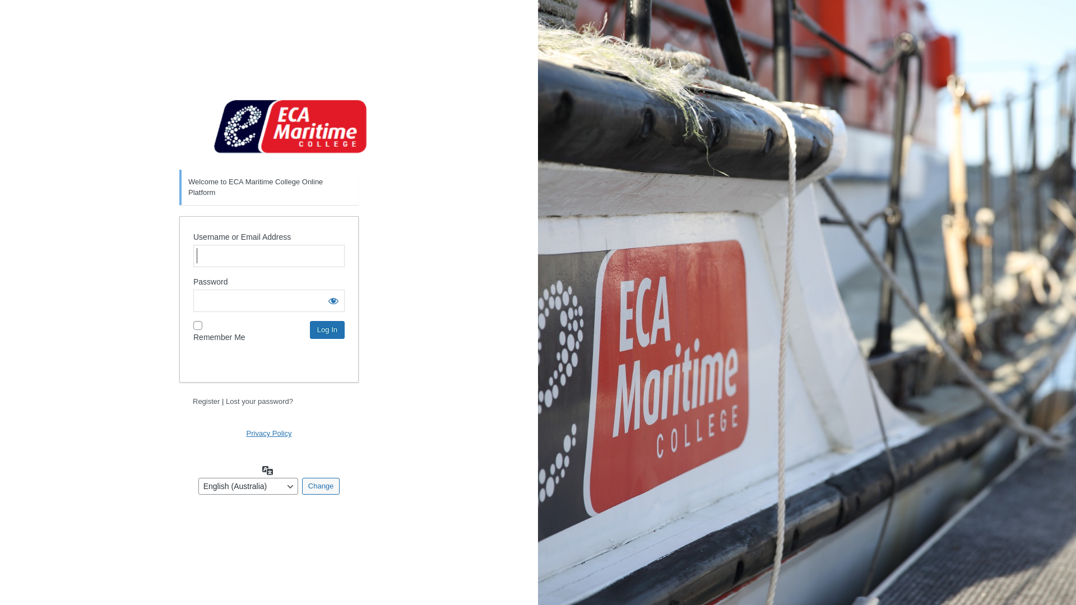 Image resolution: width=1076 pixels, height=605 pixels. I want to click on 'Privacy Policy', so click(269, 432).